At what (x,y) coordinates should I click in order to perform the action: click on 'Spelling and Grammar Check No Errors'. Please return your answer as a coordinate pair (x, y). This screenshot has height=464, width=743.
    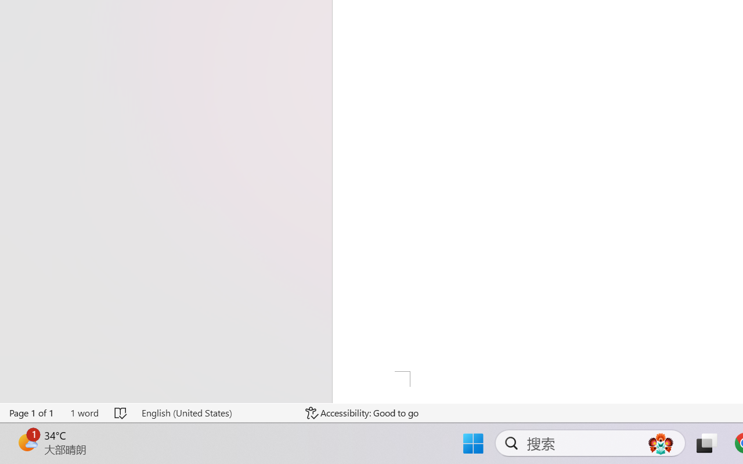
    Looking at the image, I should click on (121, 412).